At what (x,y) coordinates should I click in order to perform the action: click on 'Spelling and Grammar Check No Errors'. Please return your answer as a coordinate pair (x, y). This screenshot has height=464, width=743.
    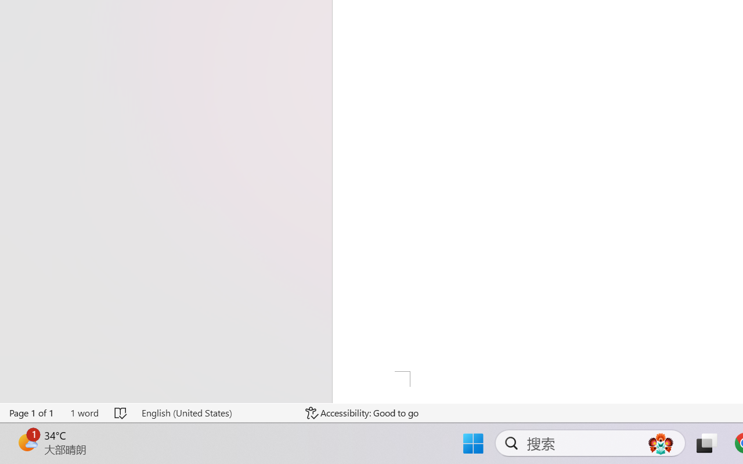
    Looking at the image, I should click on (121, 412).